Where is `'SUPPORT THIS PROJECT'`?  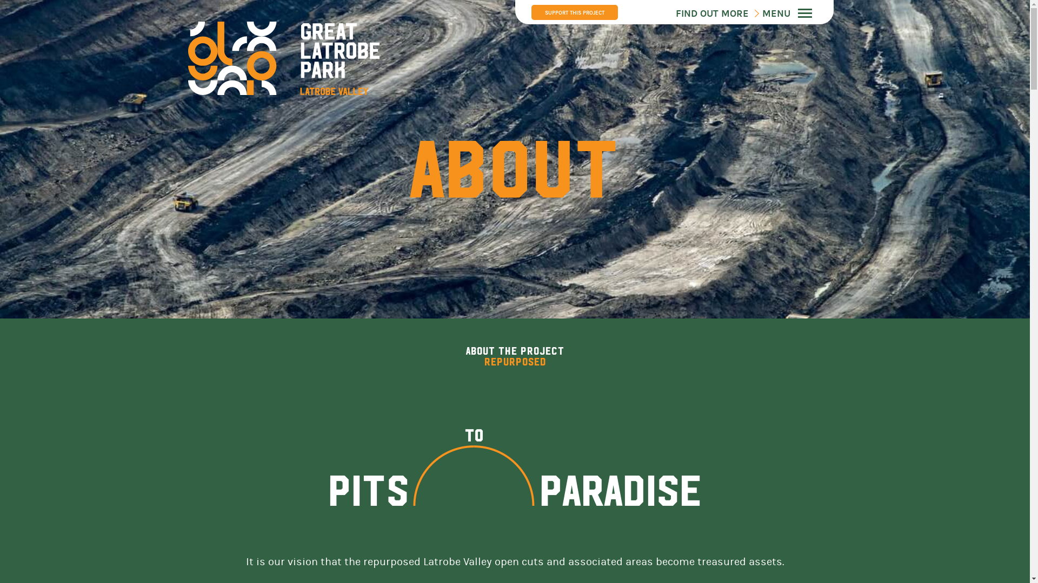 'SUPPORT THIS PROJECT' is located at coordinates (573, 12).